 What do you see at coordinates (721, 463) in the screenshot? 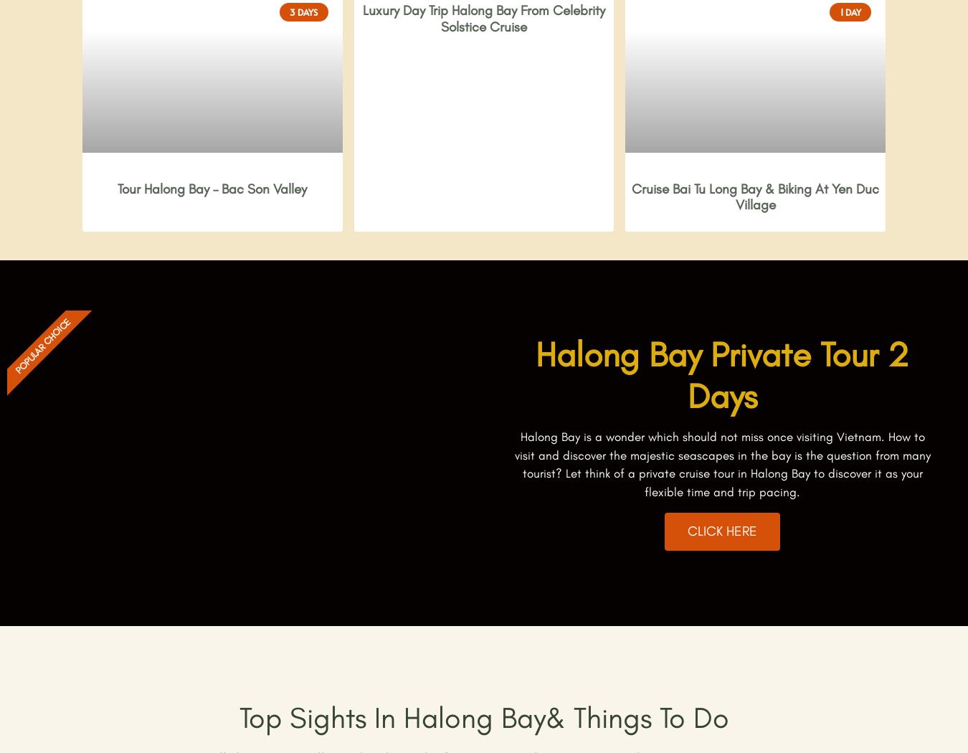
I see `'Halong Bay is a wonder which should not miss once visiting Vietnam. How to visit and discover the majestic seascapes in the bay is the question from many tourist? Let think of a private cruise tour in Halong Bay to discover it as your flexible time and trip pacing.'` at bounding box center [721, 463].